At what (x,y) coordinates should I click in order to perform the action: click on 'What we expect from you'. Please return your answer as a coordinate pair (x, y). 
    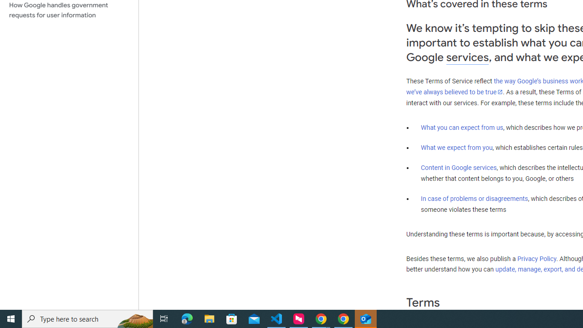
    Looking at the image, I should click on (456, 147).